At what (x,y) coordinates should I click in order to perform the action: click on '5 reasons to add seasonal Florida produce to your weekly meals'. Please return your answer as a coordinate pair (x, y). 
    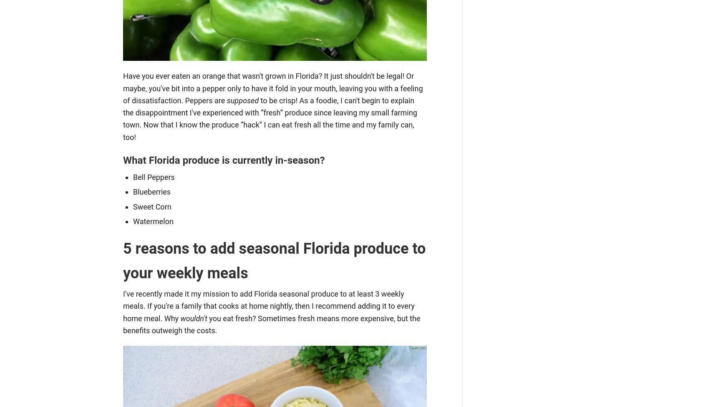
    Looking at the image, I should click on (274, 260).